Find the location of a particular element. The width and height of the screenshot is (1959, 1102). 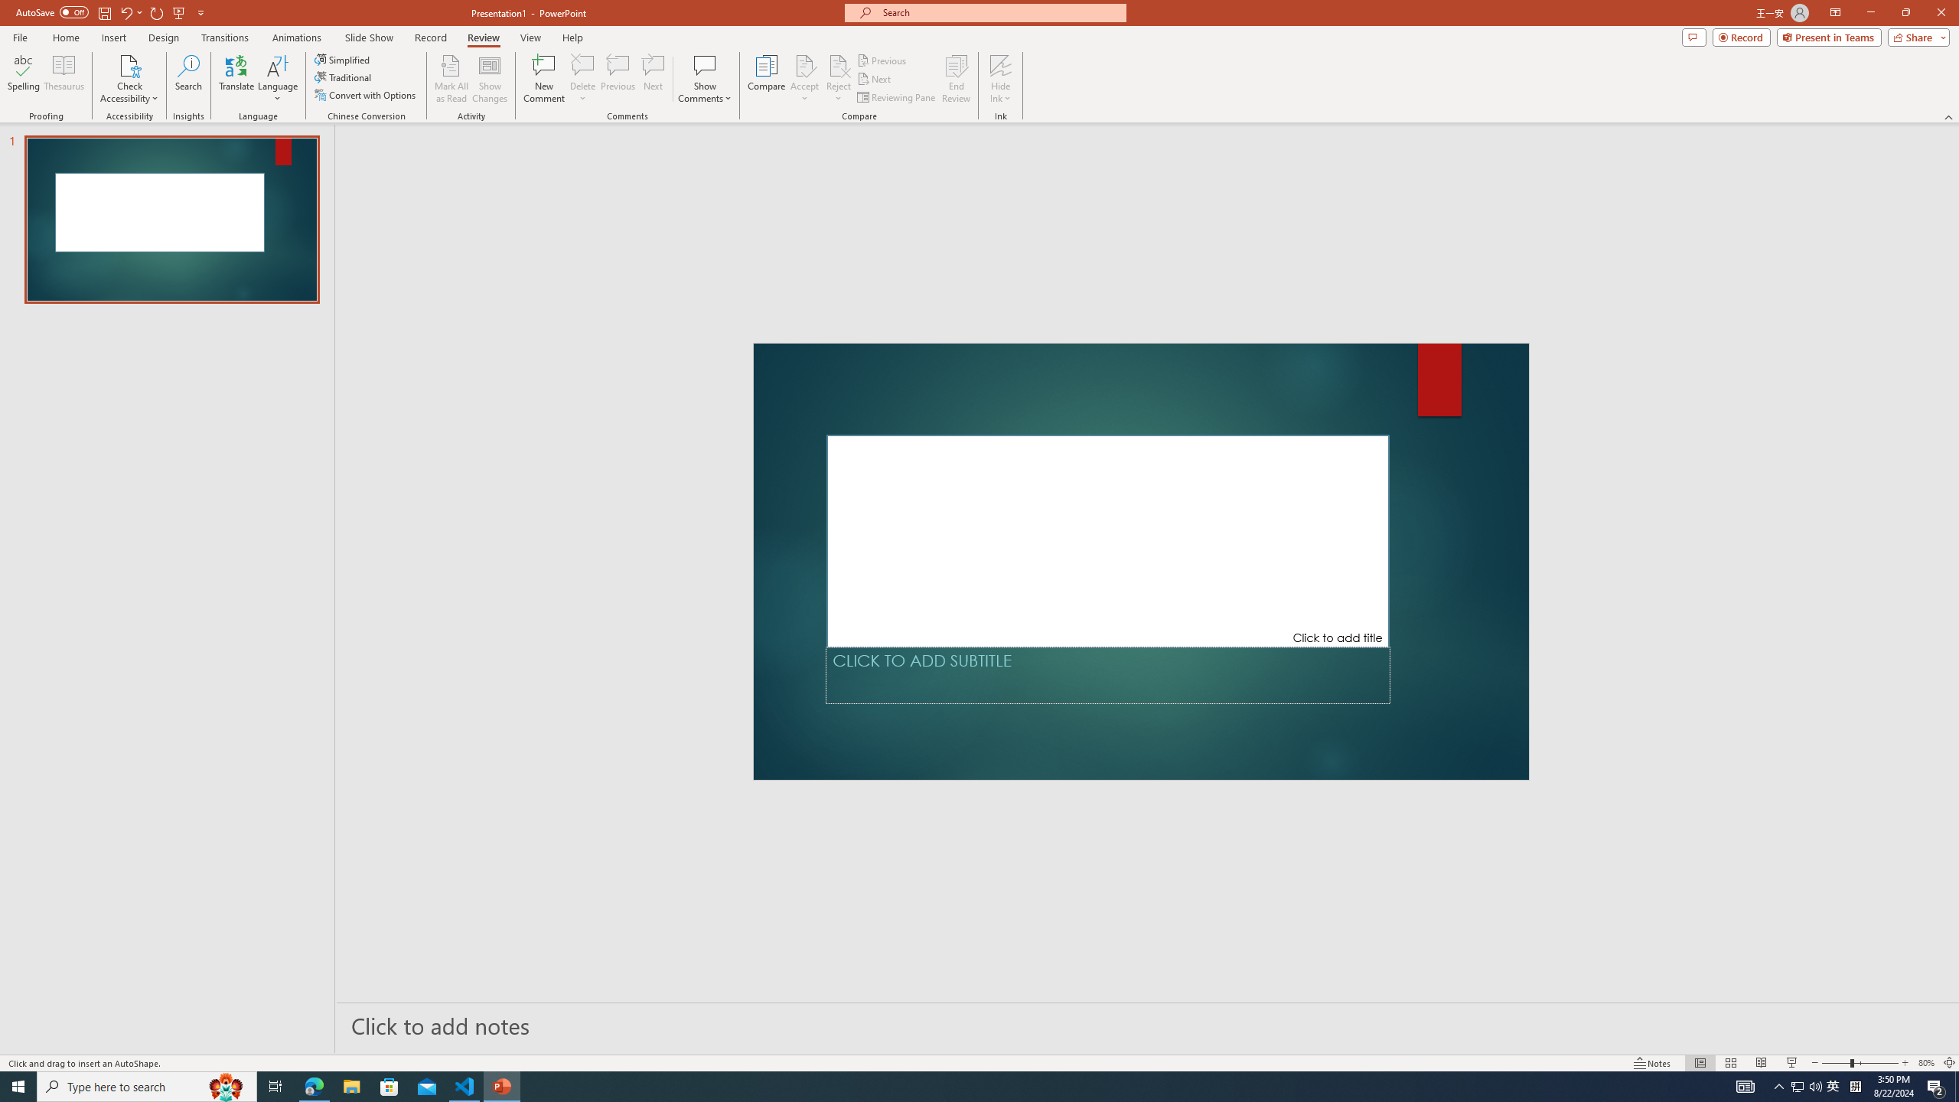

'Review' is located at coordinates (483, 37).